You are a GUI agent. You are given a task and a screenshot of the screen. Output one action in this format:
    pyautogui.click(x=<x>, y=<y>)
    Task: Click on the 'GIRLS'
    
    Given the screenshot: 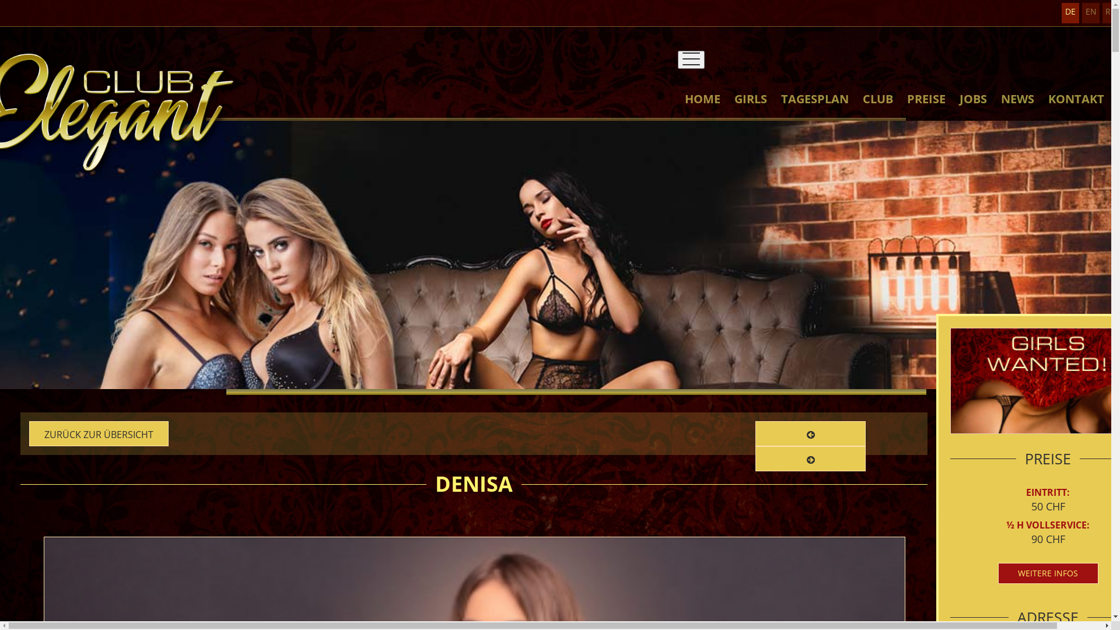 What is the action you would take?
    pyautogui.click(x=750, y=110)
    